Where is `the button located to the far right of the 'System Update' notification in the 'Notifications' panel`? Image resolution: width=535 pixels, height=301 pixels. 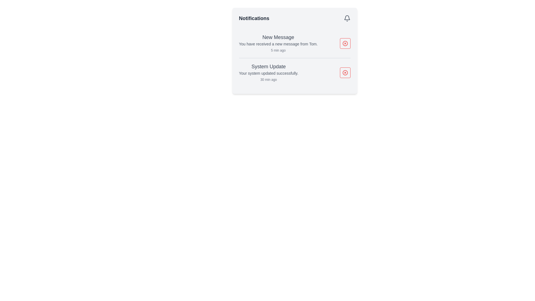 the button located to the far right of the 'System Update' notification in the 'Notifications' panel is located at coordinates (345, 72).